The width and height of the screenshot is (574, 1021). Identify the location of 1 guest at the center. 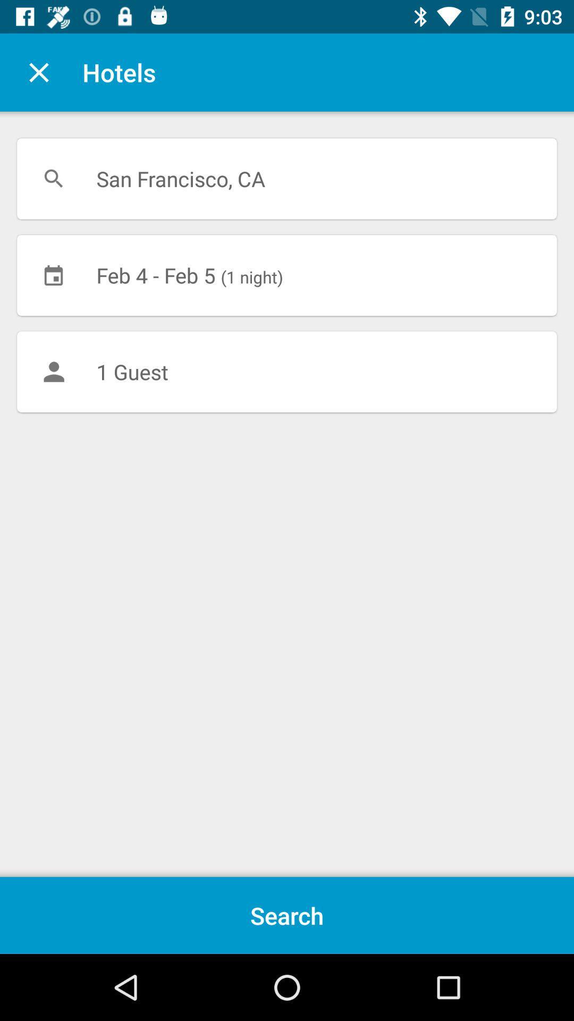
(287, 372).